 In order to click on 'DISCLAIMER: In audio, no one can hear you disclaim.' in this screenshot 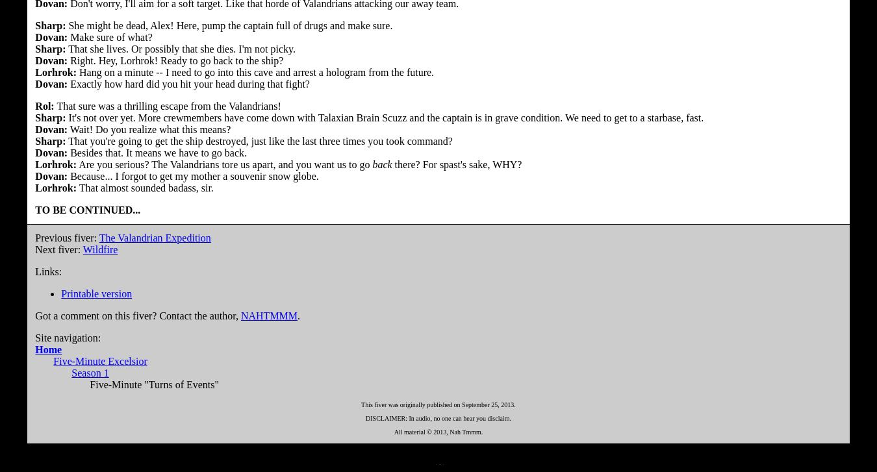, I will do `click(364, 417)`.